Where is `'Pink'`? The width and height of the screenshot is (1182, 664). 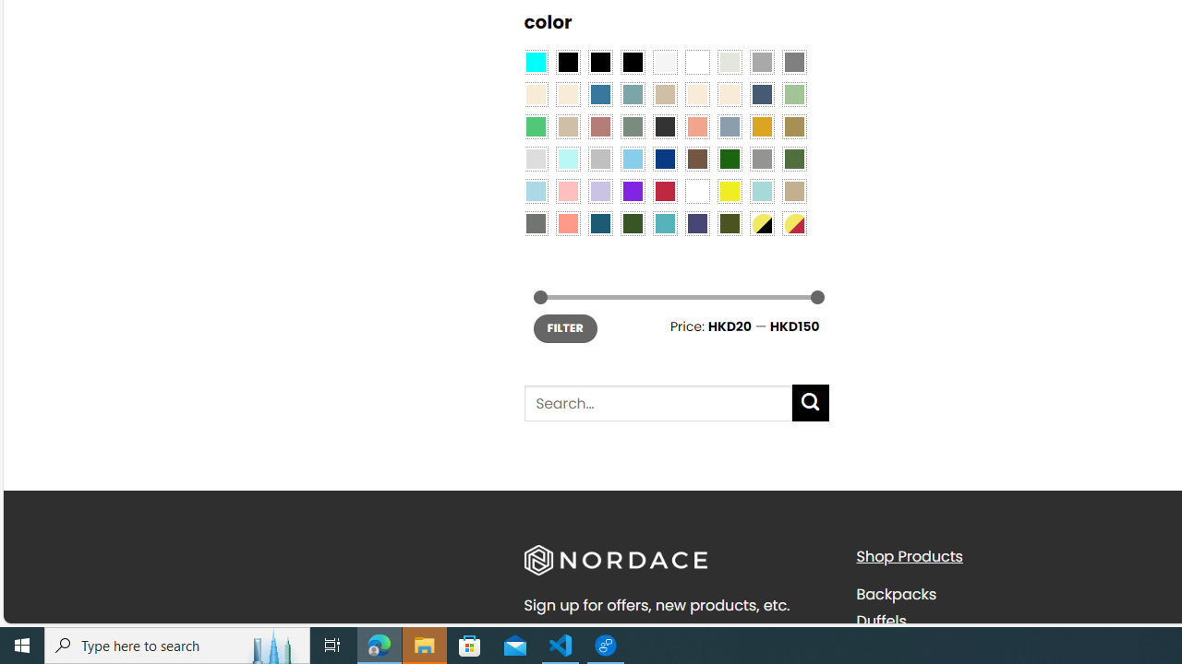 'Pink' is located at coordinates (567, 192).